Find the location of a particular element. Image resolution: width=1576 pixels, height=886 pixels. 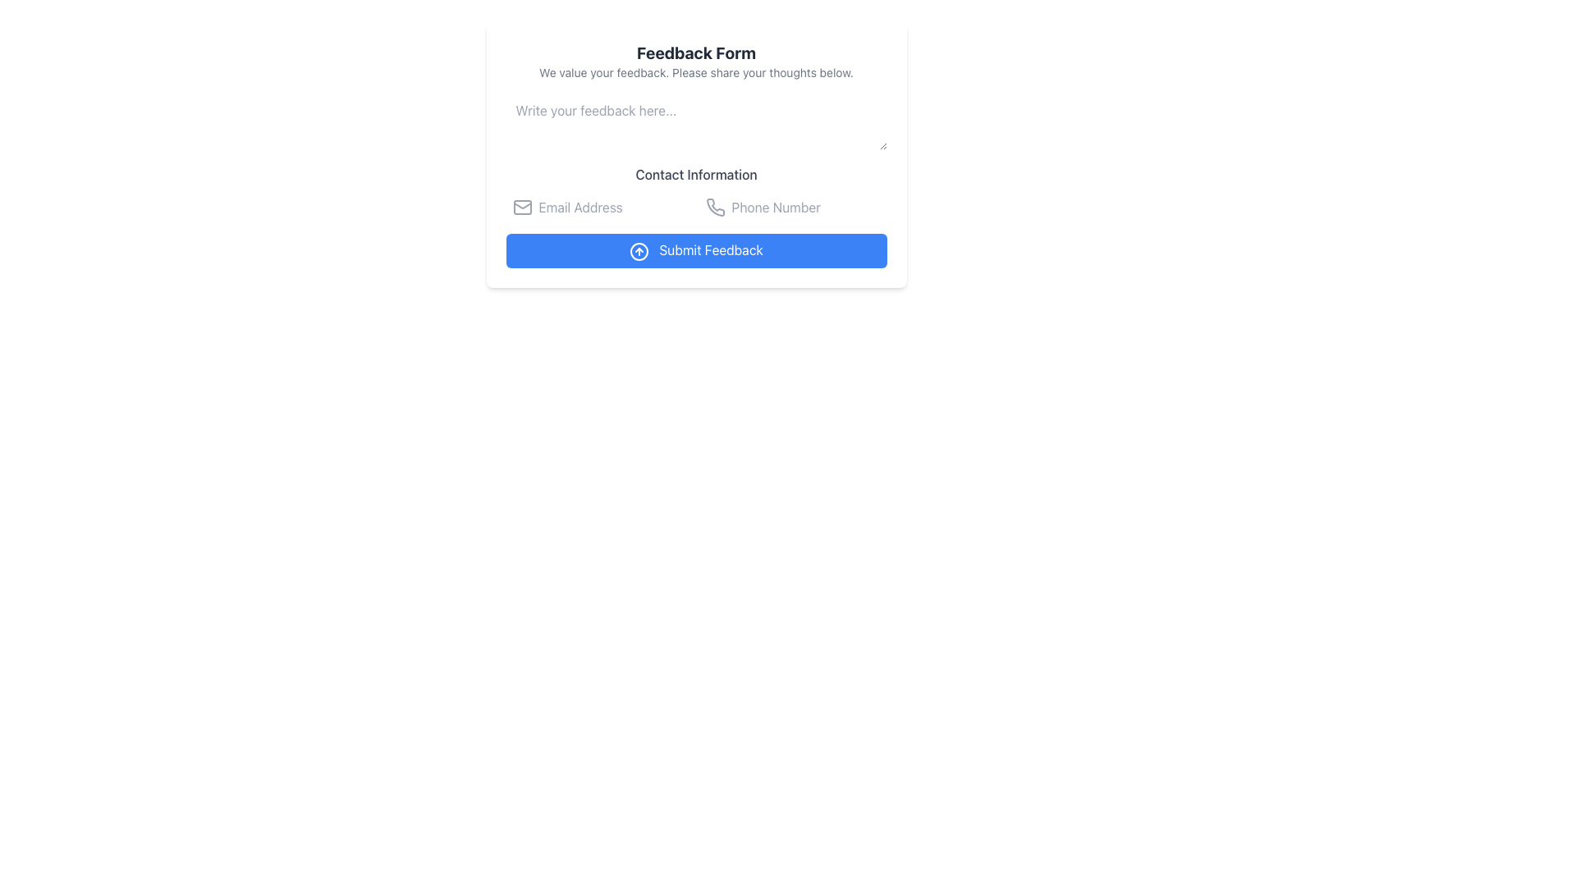

the informational text that guides the user to provide feedback, located below the 'Feedback Form' title and above the text input field is located at coordinates (696, 71).